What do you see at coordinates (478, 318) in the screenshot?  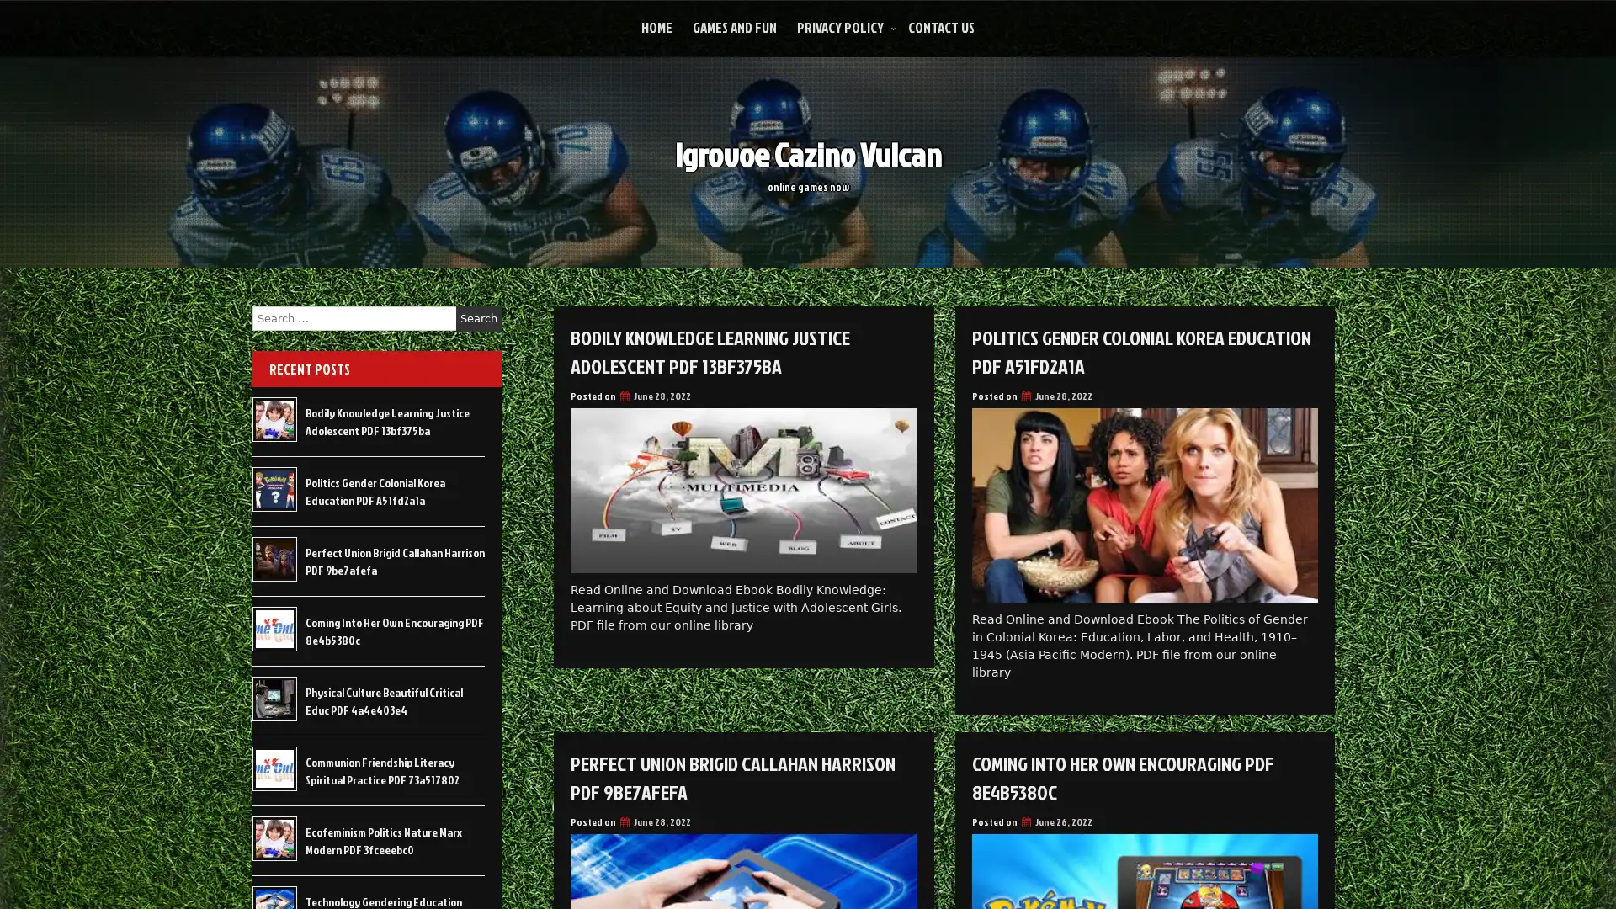 I see `Search` at bounding box center [478, 318].